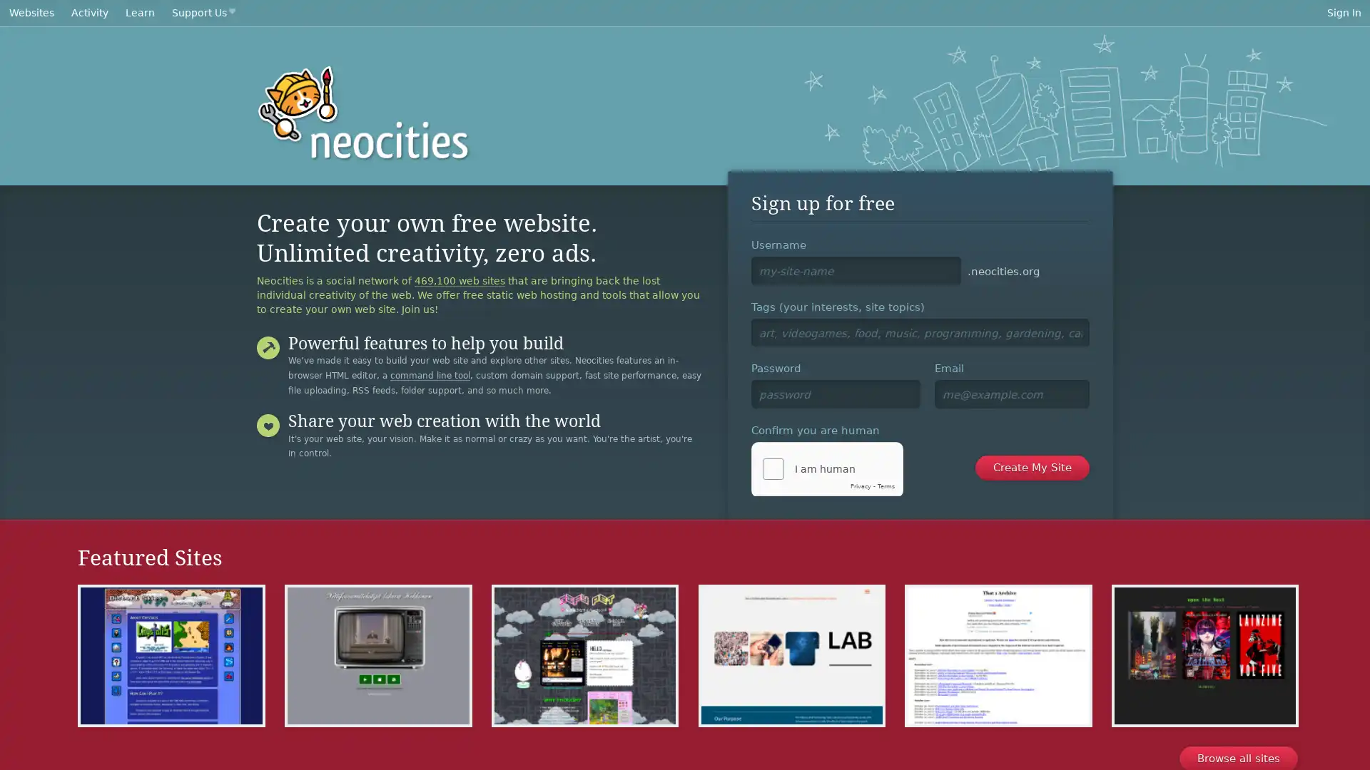 The height and width of the screenshot is (770, 1370). I want to click on Create My Site, so click(1032, 467).